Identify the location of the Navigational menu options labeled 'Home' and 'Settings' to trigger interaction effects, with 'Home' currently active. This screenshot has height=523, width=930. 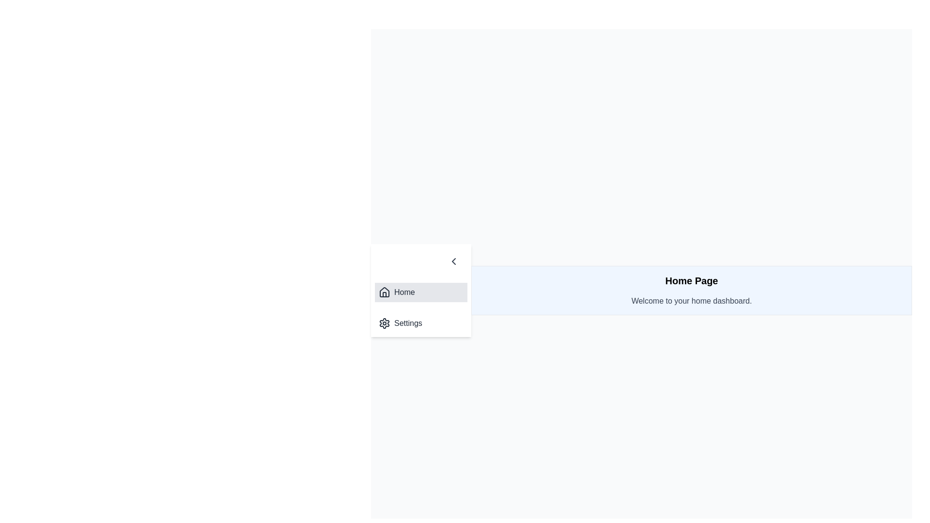
(421, 290).